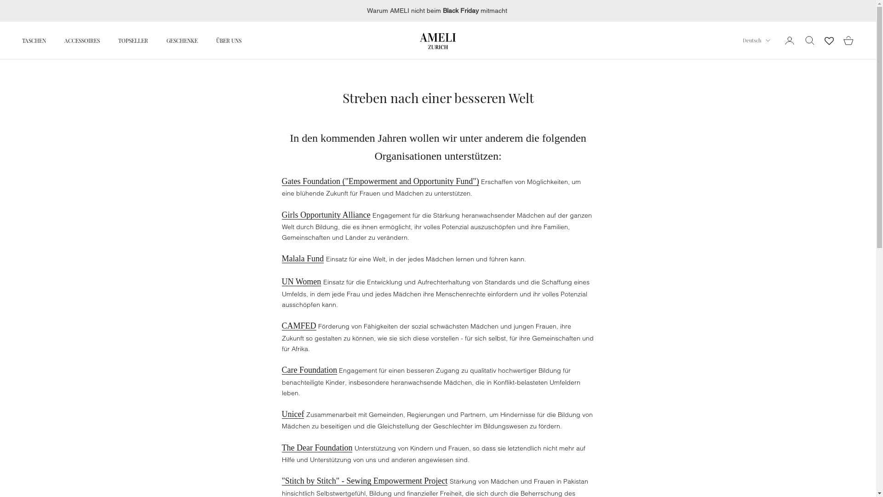 The image size is (883, 497). I want to click on 'Deutsch', so click(757, 40).